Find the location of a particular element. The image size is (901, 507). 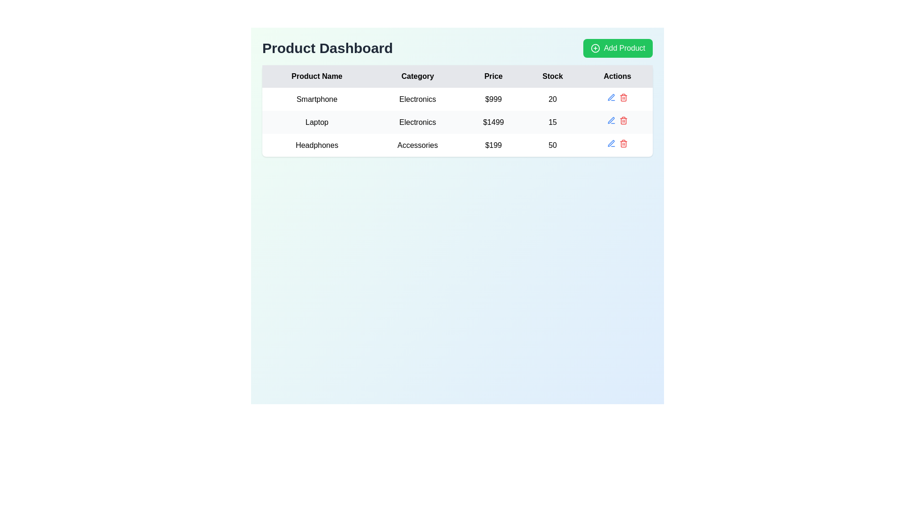

the Graphical Circle that visually represents the 'Add Product' button, located in the top right corner of the workspace is located at coordinates (595, 48).